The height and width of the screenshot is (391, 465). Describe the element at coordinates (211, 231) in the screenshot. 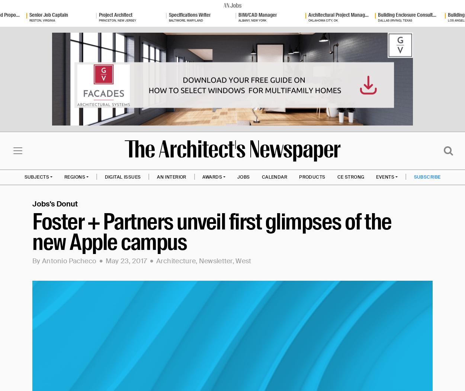

I see `'Foster + Partners unveil first glimpses of the new Apple campus'` at that location.